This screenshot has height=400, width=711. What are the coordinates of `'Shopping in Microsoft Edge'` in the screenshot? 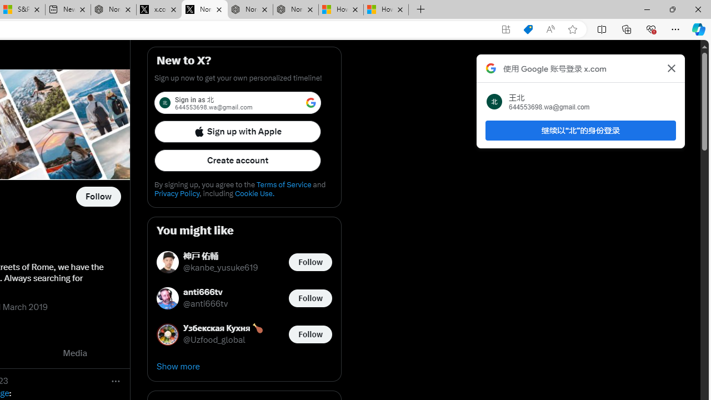 It's located at (528, 29).